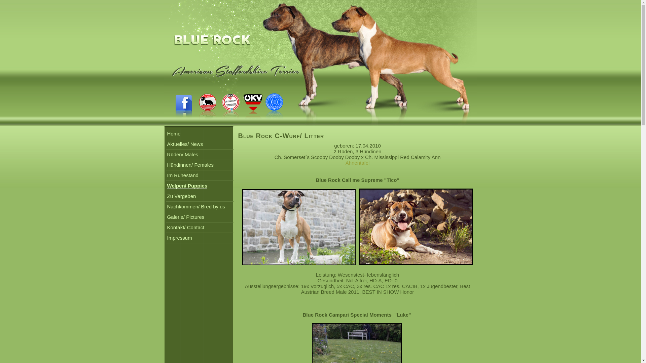  I want to click on 'Nachkommen/ Bred by us', so click(195, 206).